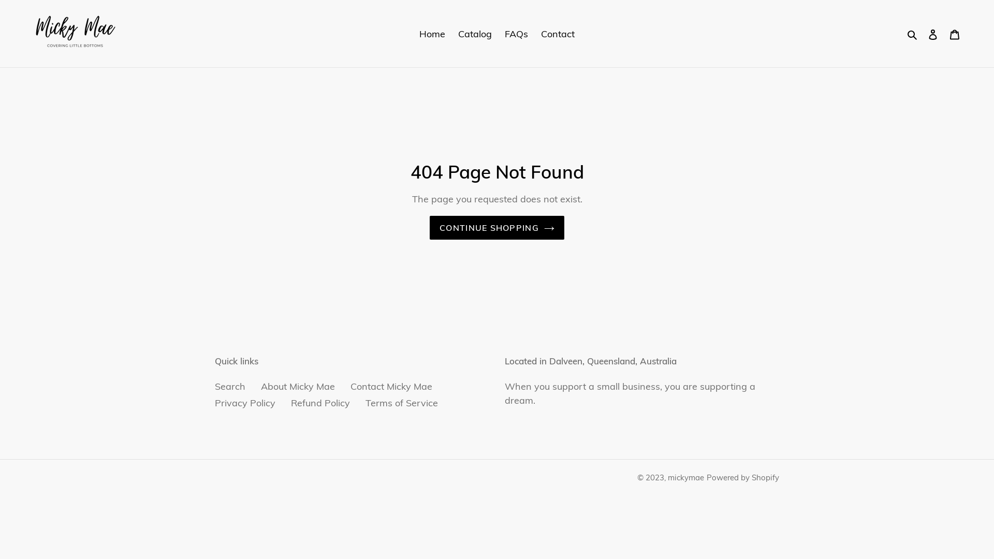 Image resolution: width=994 pixels, height=559 pixels. I want to click on 'About Micky Mae', so click(261, 386).